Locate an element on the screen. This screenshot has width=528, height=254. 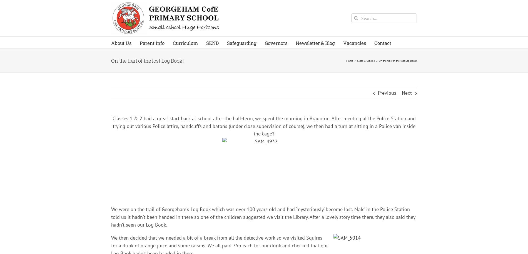
'PTFA FROGS' is located at coordinates (155, 162).